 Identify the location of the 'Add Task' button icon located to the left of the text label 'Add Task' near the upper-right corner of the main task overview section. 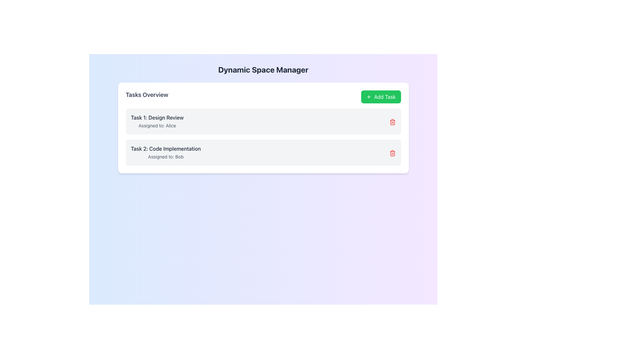
(369, 97).